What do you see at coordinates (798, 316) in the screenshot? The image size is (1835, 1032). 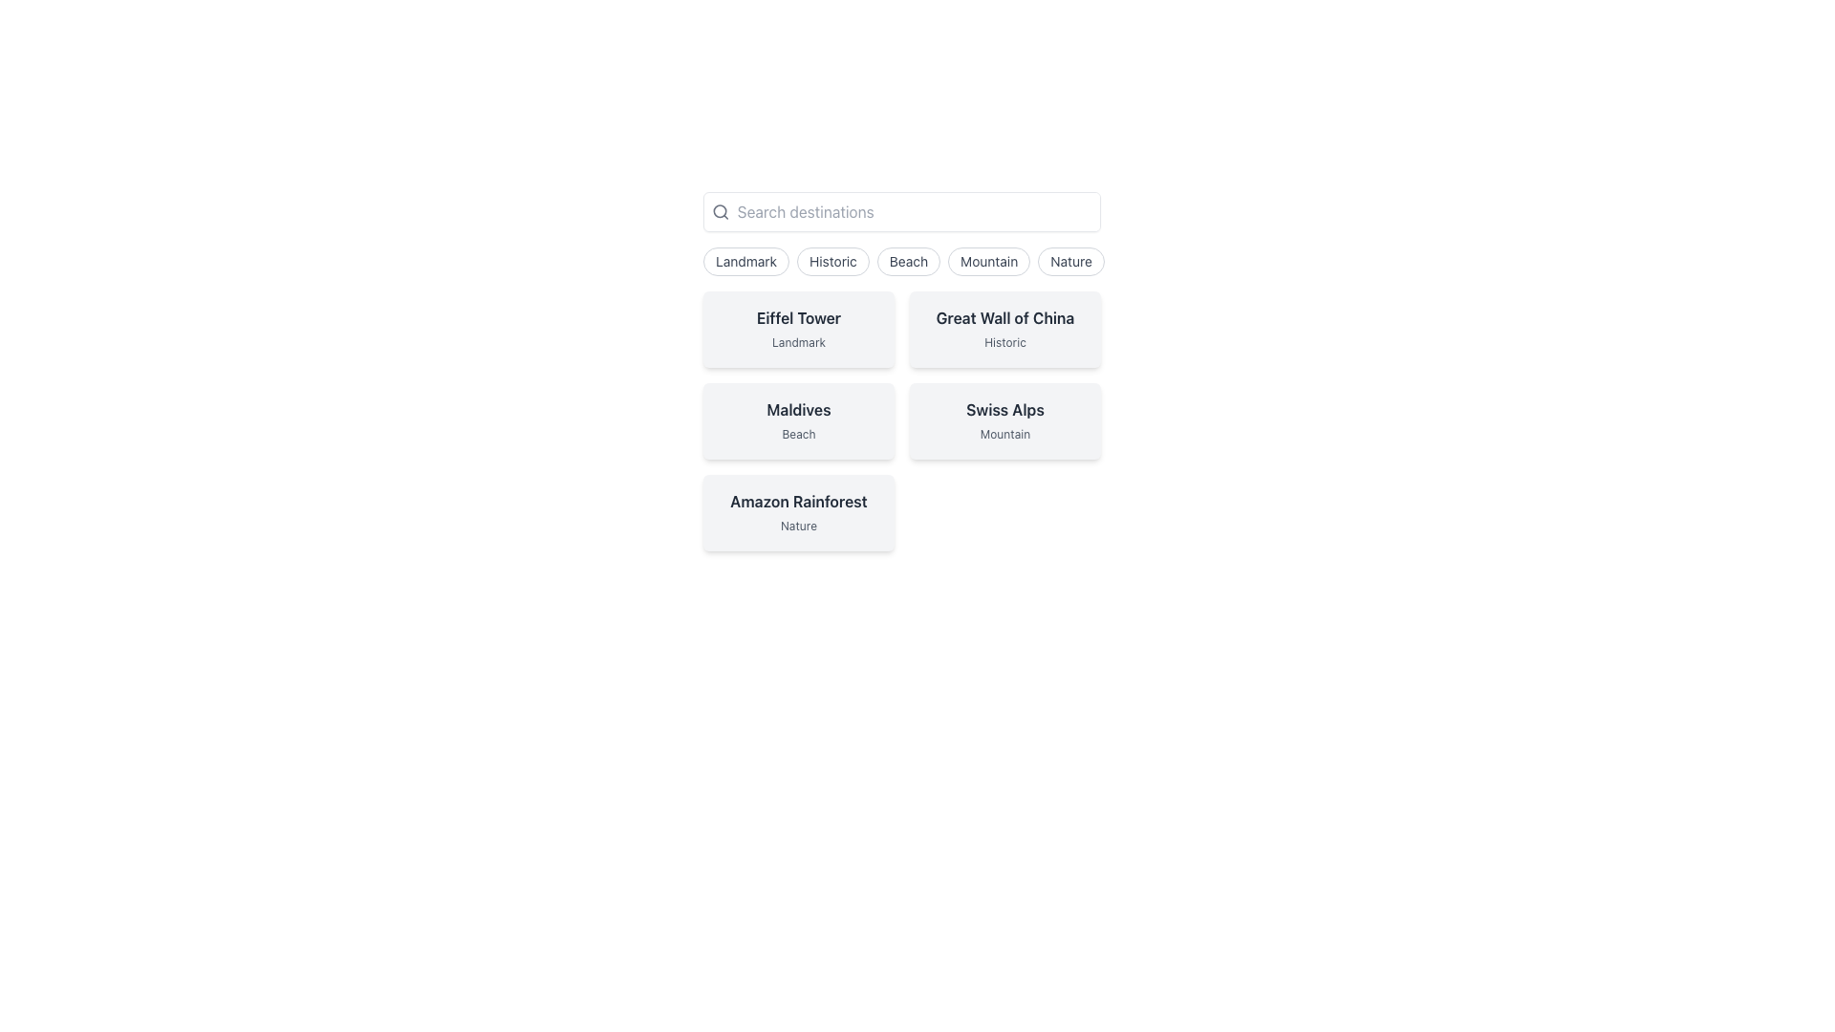 I see `the static text label displaying 'Eiffel Tower' in a bold serif font, located within a card with a light gray background` at bounding box center [798, 316].